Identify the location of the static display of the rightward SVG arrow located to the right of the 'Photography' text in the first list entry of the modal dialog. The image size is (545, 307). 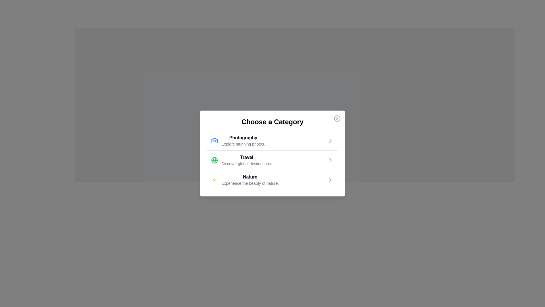
(330, 140).